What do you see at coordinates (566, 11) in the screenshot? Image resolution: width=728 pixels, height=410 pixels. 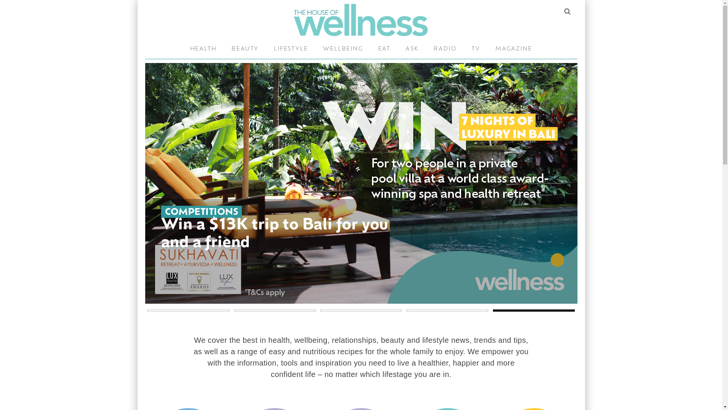 I see `'Search'` at bounding box center [566, 11].